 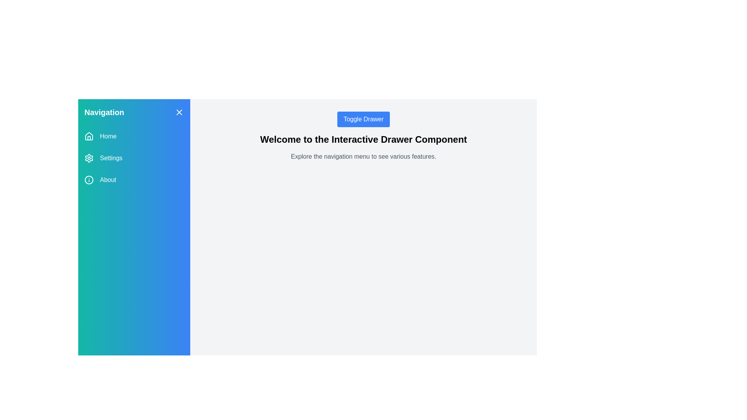 What do you see at coordinates (134, 158) in the screenshot?
I see `the navigation item Settings to navigate to the corresponding section` at bounding box center [134, 158].